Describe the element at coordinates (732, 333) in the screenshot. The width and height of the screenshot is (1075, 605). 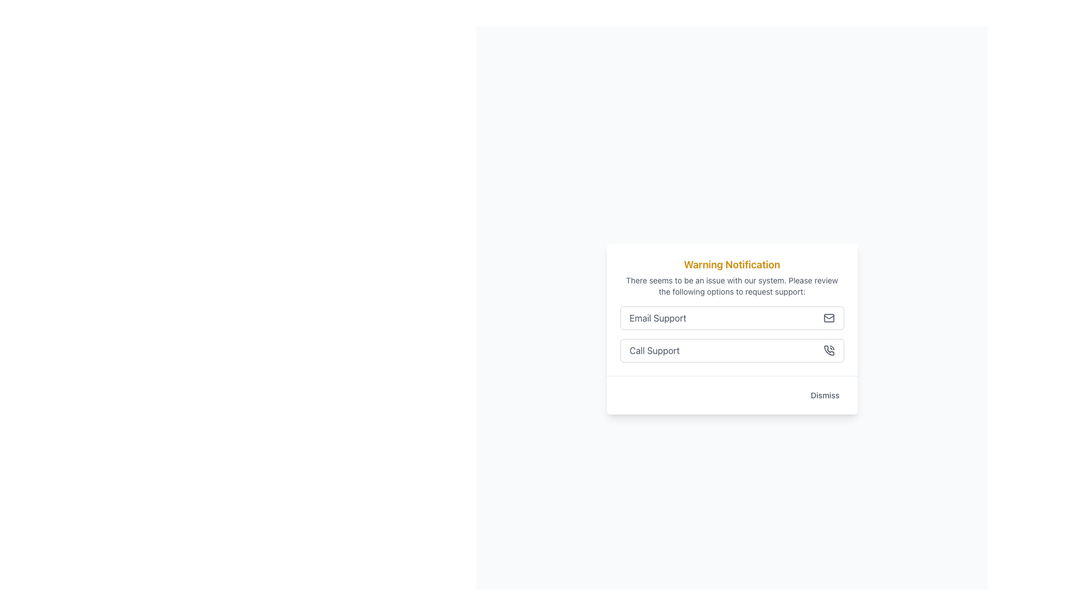
I see `the vertical list of support options buttons, specifically the 'Email Support' and 'Call Support' buttons located at the bottom of the notification panel` at that location.